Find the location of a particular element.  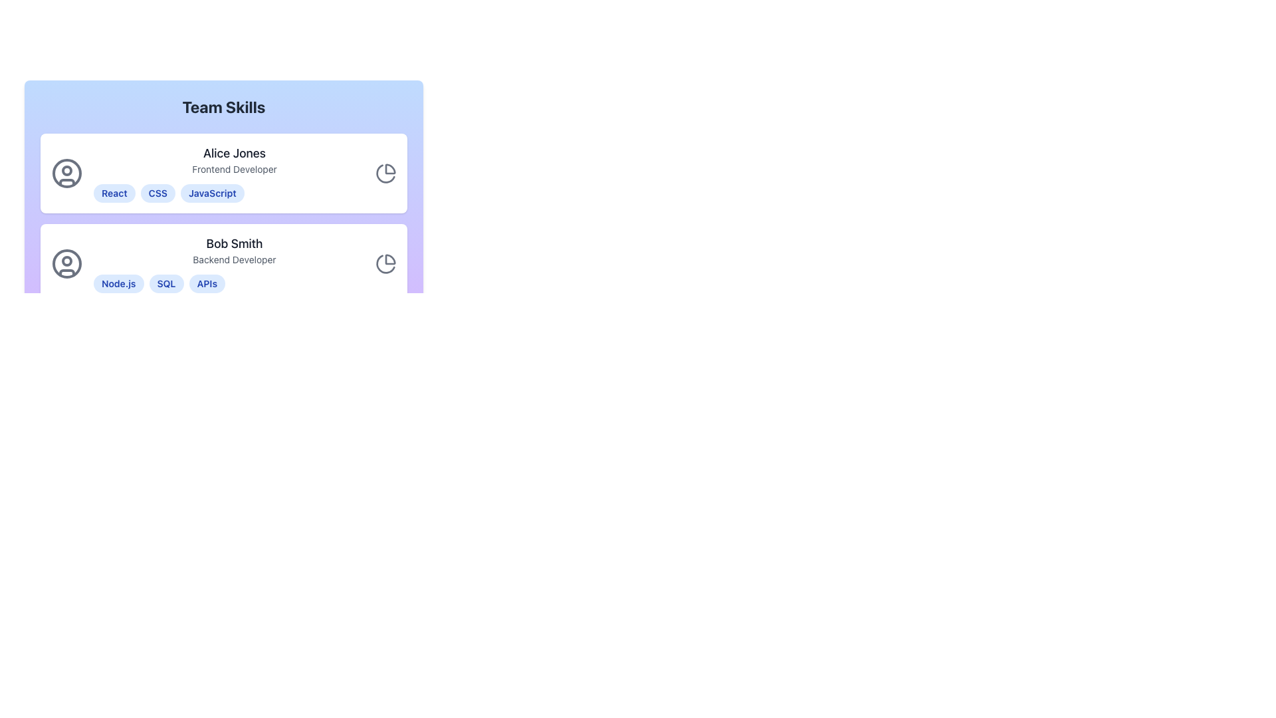

the first badge below the name 'Alice Jones' and the title 'Frontend Developer' is located at coordinates (114, 193).